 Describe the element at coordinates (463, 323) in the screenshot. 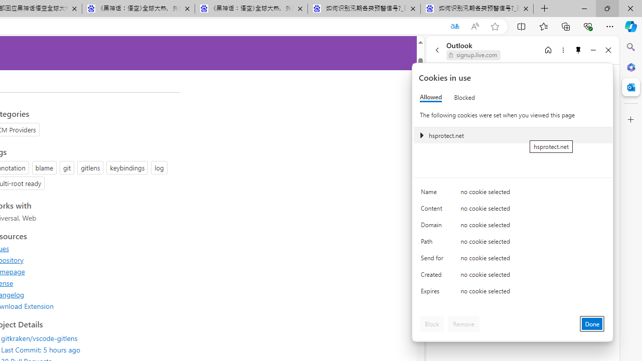

I see `'Remove'` at that location.